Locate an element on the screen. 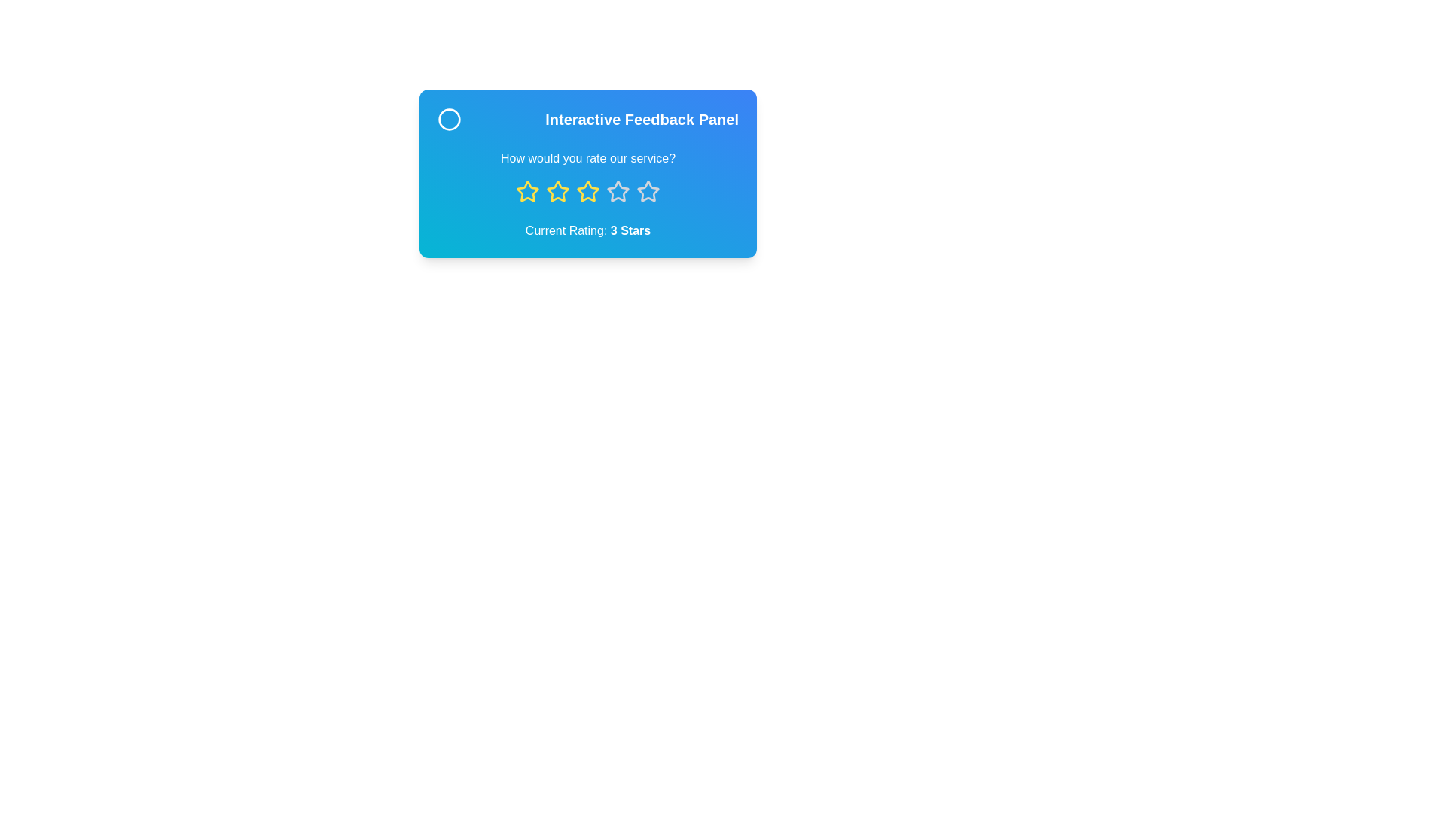 This screenshot has height=813, width=1446. the third star-shaped interactive icon is located at coordinates (618, 190).